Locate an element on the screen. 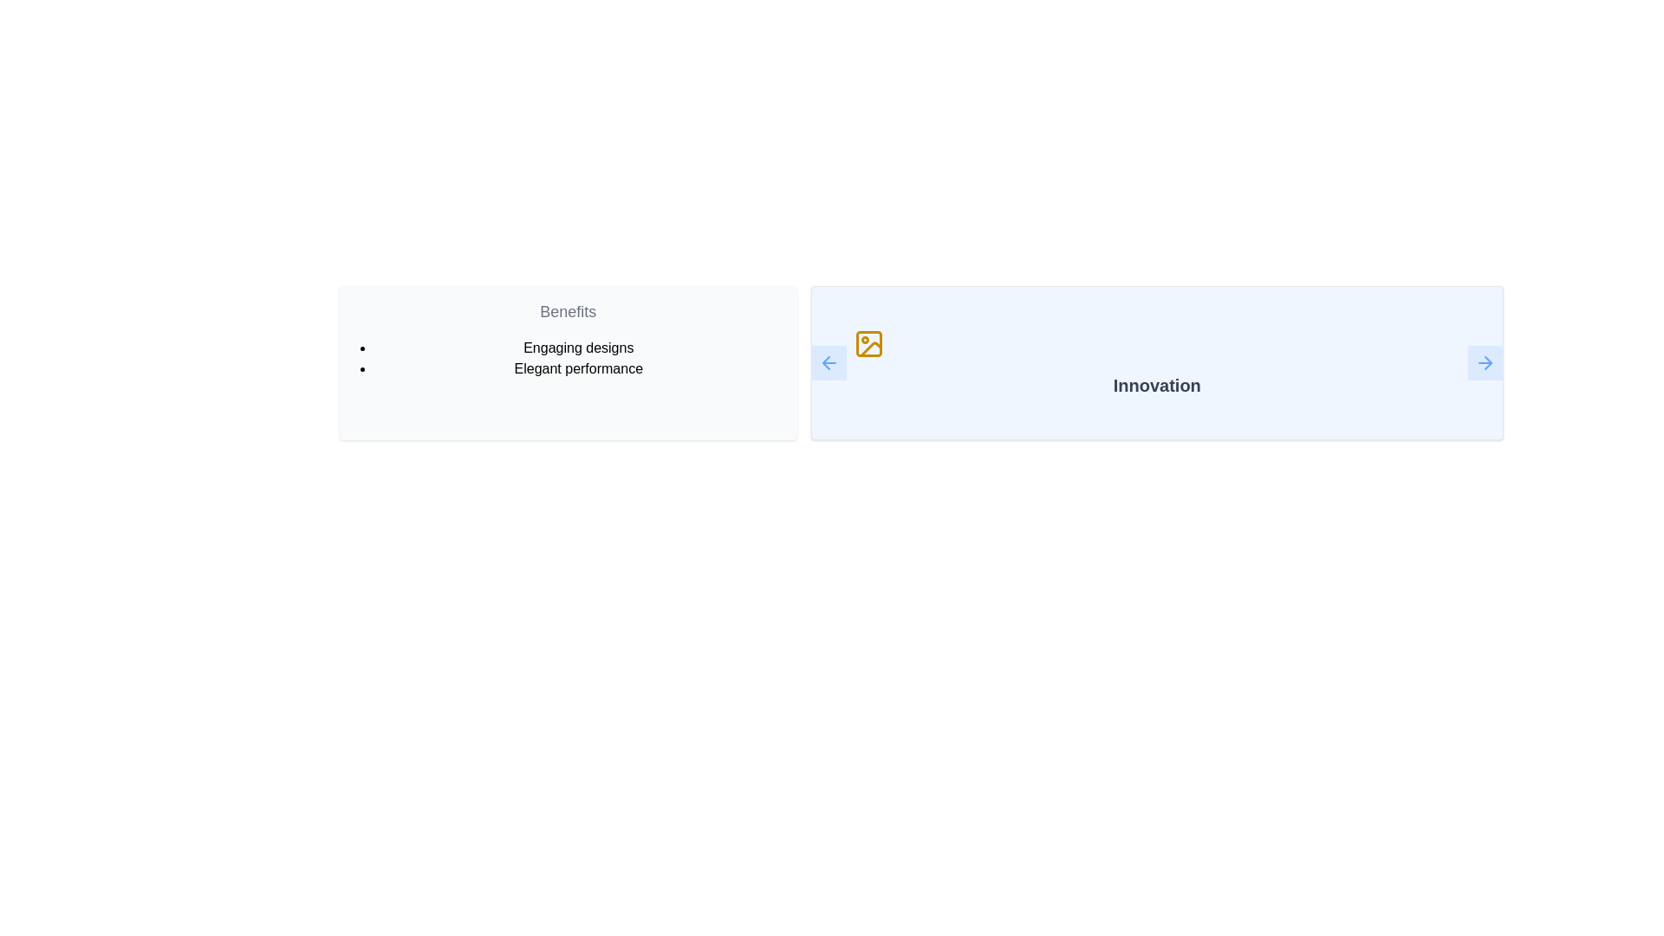 The height and width of the screenshot is (936, 1664). the navigational arrow icon located within the blue button labeled 'Innovation' on the far right of the second section is located at coordinates (1484, 362).